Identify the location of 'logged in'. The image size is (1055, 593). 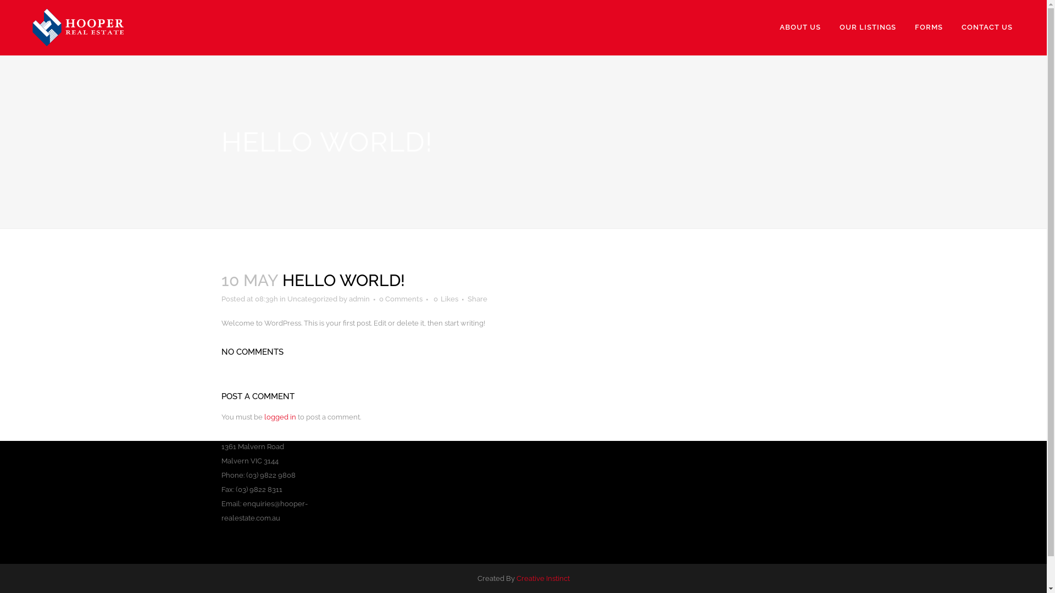
(279, 417).